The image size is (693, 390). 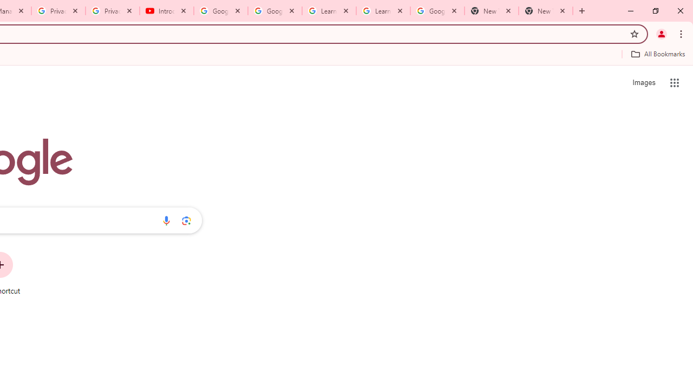 What do you see at coordinates (166, 11) in the screenshot?
I see `'Introduction | Google Privacy Policy - YouTube'` at bounding box center [166, 11].